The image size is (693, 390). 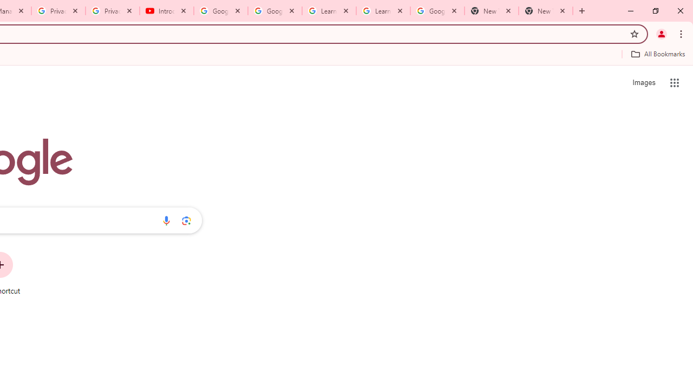 What do you see at coordinates (166, 11) in the screenshot?
I see `'Introduction | Google Privacy Policy - YouTube'` at bounding box center [166, 11].